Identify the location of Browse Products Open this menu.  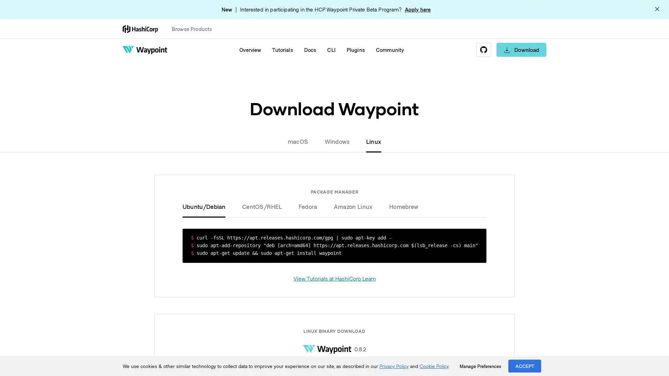
(195, 29).